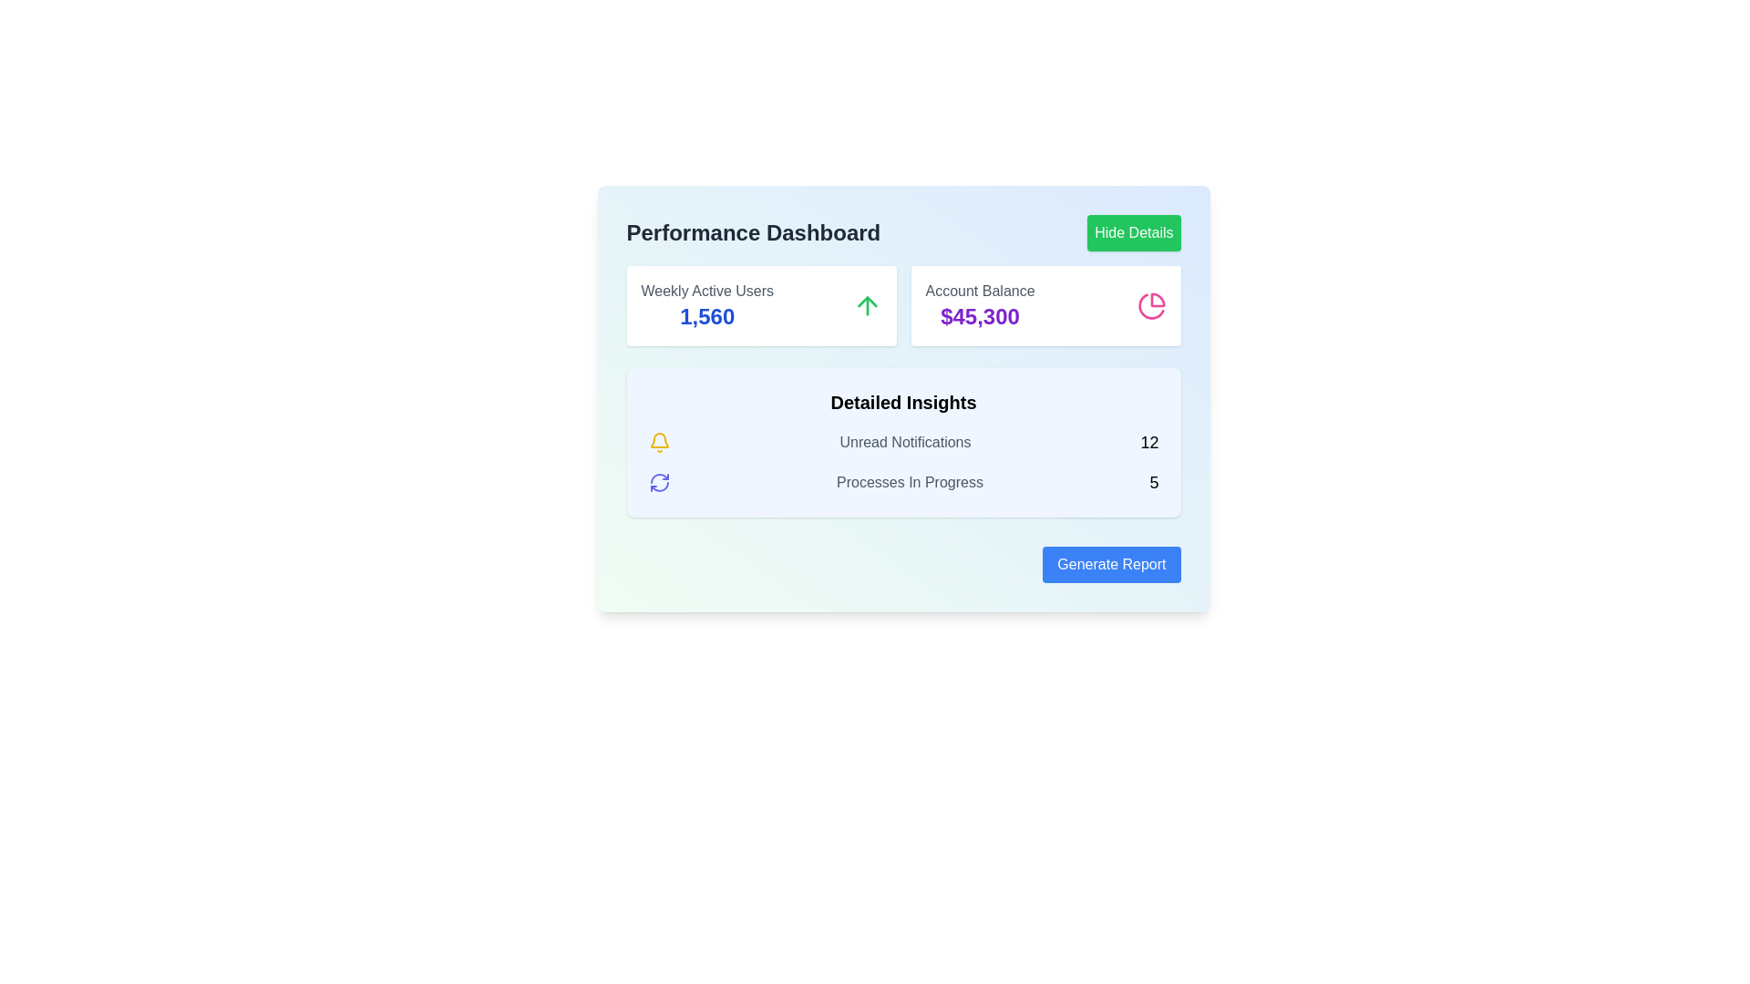 This screenshot has height=984, width=1750. Describe the element at coordinates (905, 443) in the screenshot. I see `the 'Unread Notifications' text label, which is styled in medium-sized gray font and located in the middle-right side of the 'Detailed Insights' section, positioned between a notification icon and a numeric counter reading '12'` at that location.